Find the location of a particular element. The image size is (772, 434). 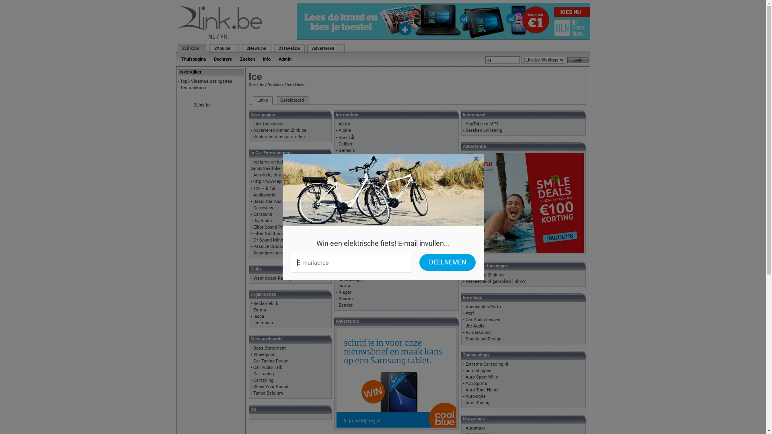

'Extreme-Carstyling.nl' is located at coordinates (465, 364).